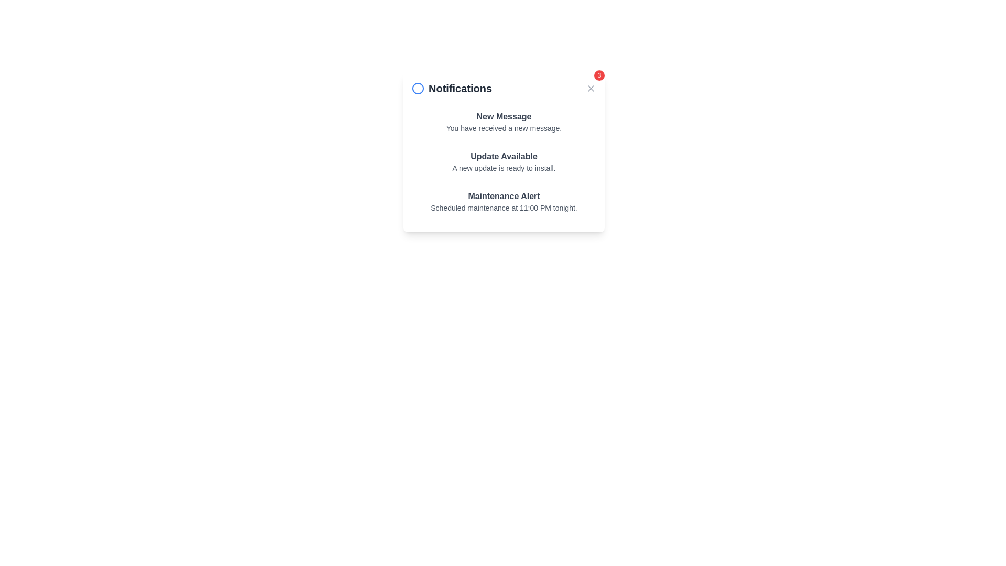 The height and width of the screenshot is (566, 1006). Describe the element at coordinates (504, 208) in the screenshot. I see `informational message from the second row of text within the 'Maintenance Alert' card` at that location.